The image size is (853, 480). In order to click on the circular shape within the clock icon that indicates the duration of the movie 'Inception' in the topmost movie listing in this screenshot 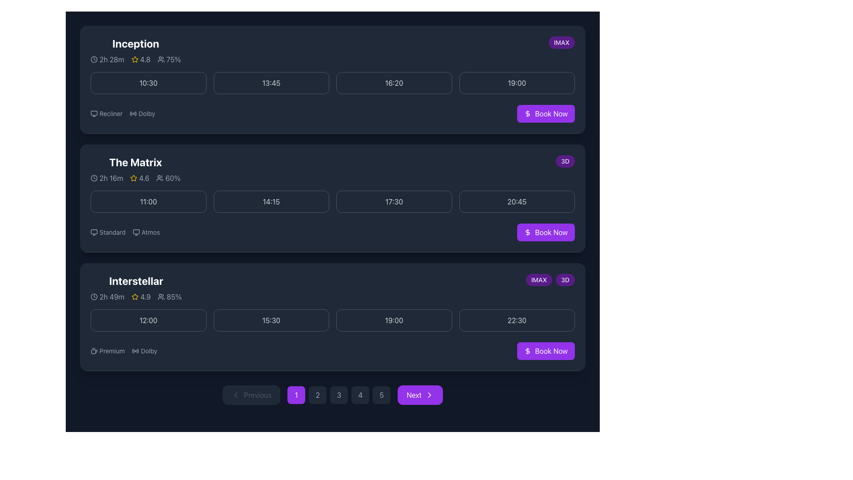, I will do `click(94, 60)`.